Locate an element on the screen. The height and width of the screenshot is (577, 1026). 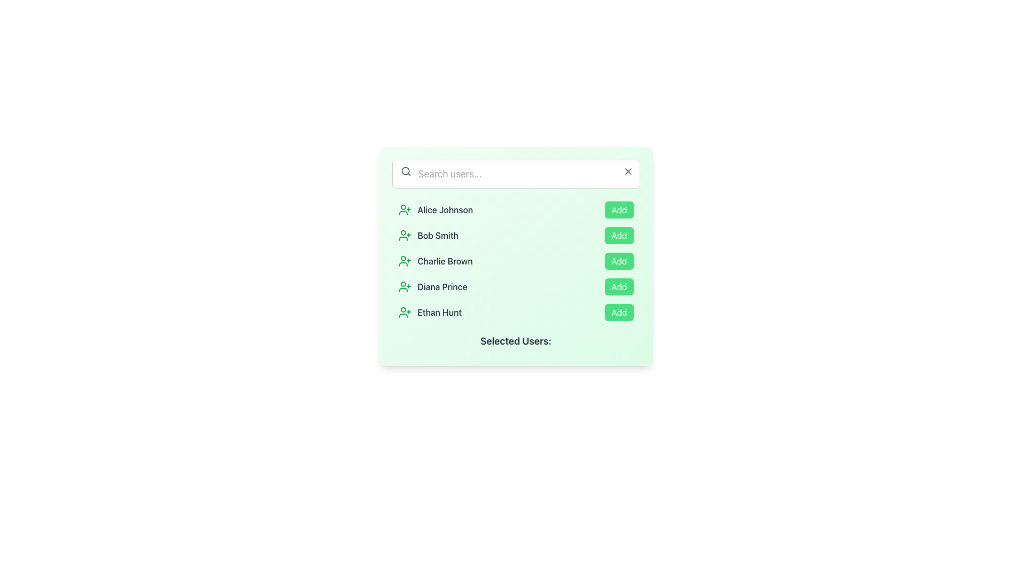
the icon for user addition associated with 'Diana Prince' is located at coordinates (404, 286).